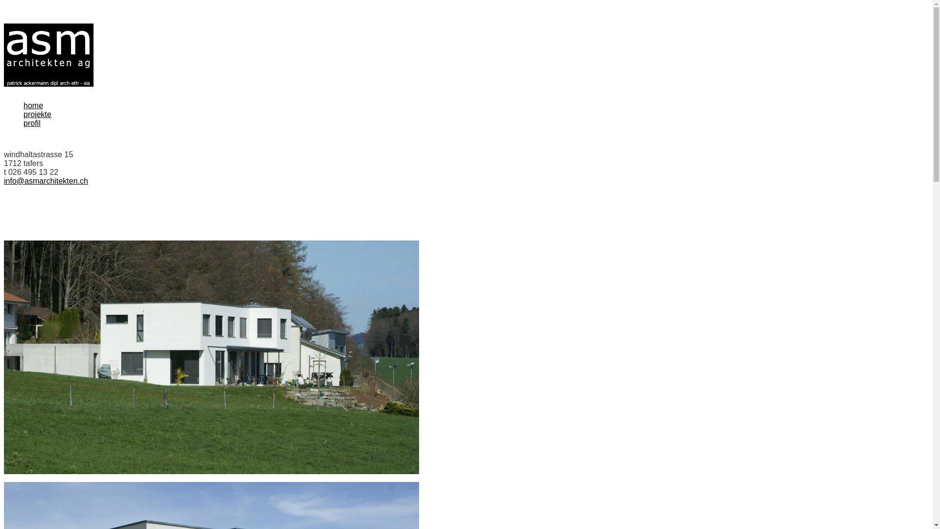 The height and width of the screenshot is (529, 940). Describe the element at coordinates (46, 181) in the screenshot. I see `'info@asmarchitekten.ch'` at that location.